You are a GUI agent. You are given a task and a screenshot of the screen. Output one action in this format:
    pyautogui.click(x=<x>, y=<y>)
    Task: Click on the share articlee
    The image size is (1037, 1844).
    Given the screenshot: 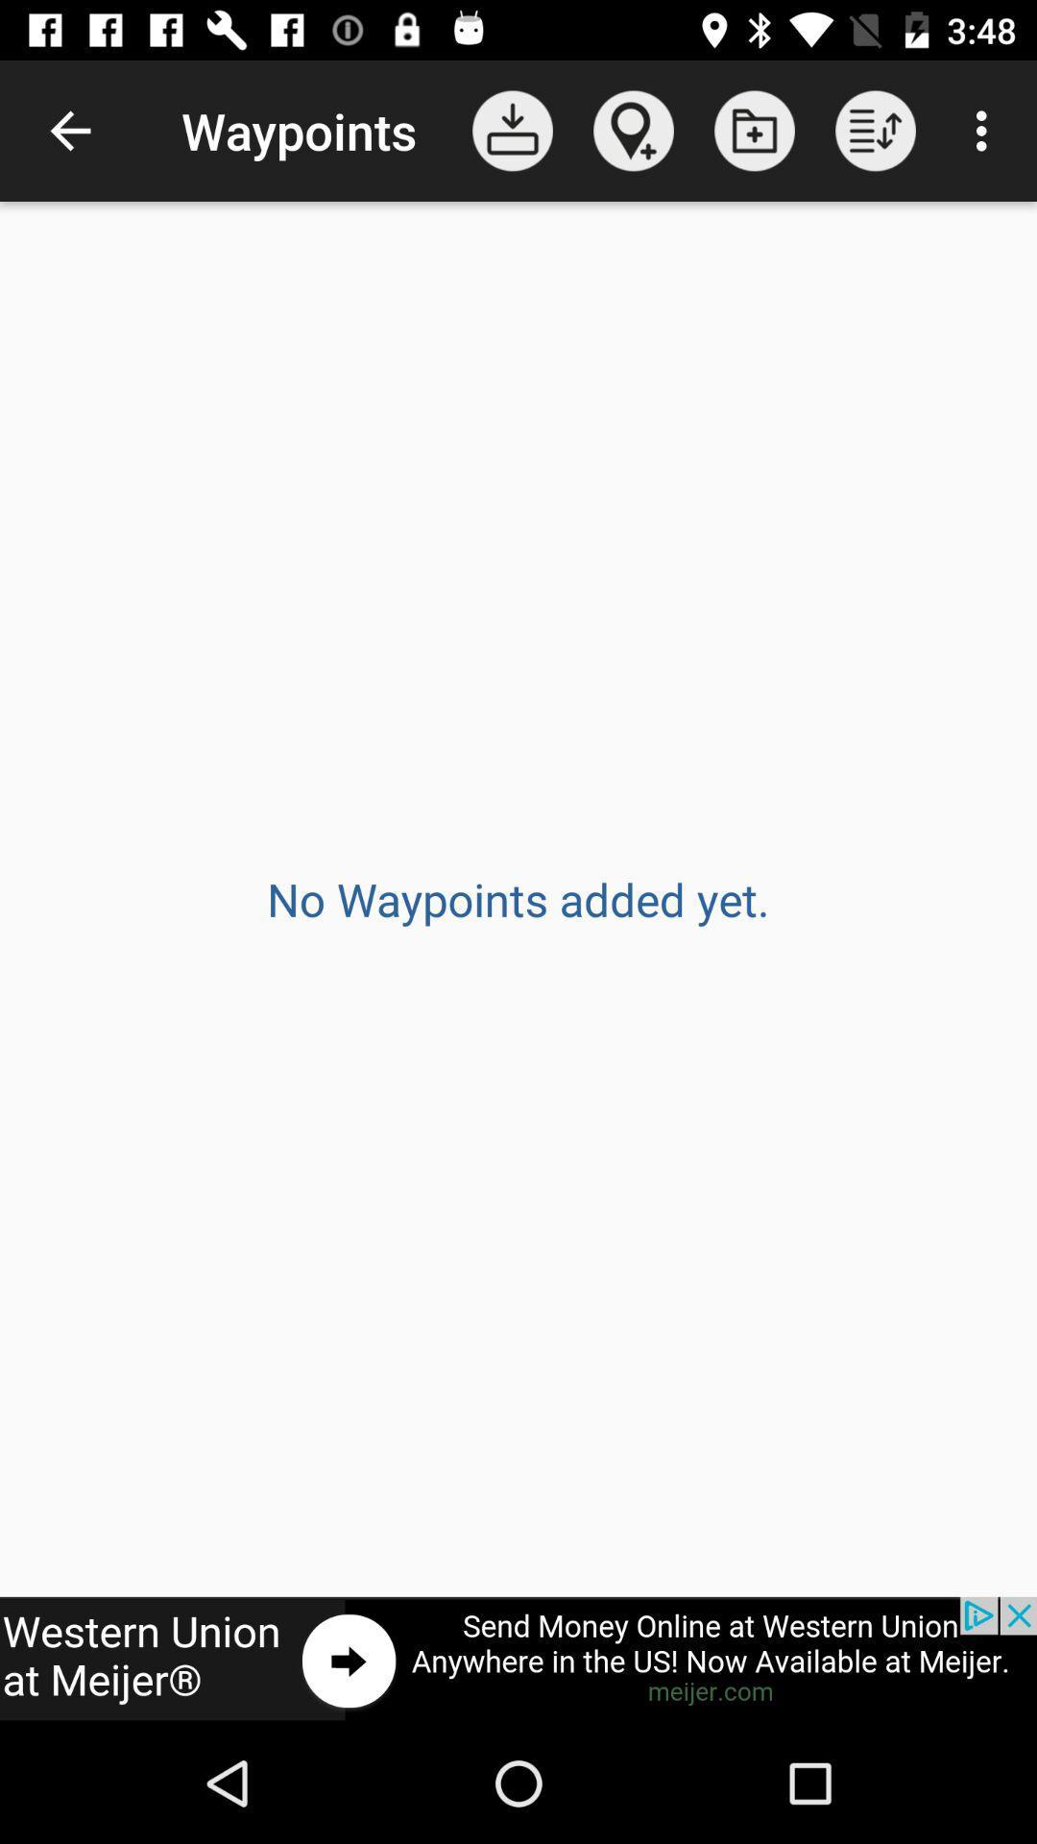 What is the action you would take?
    pyautogui.click(x=518, y=1659)
    